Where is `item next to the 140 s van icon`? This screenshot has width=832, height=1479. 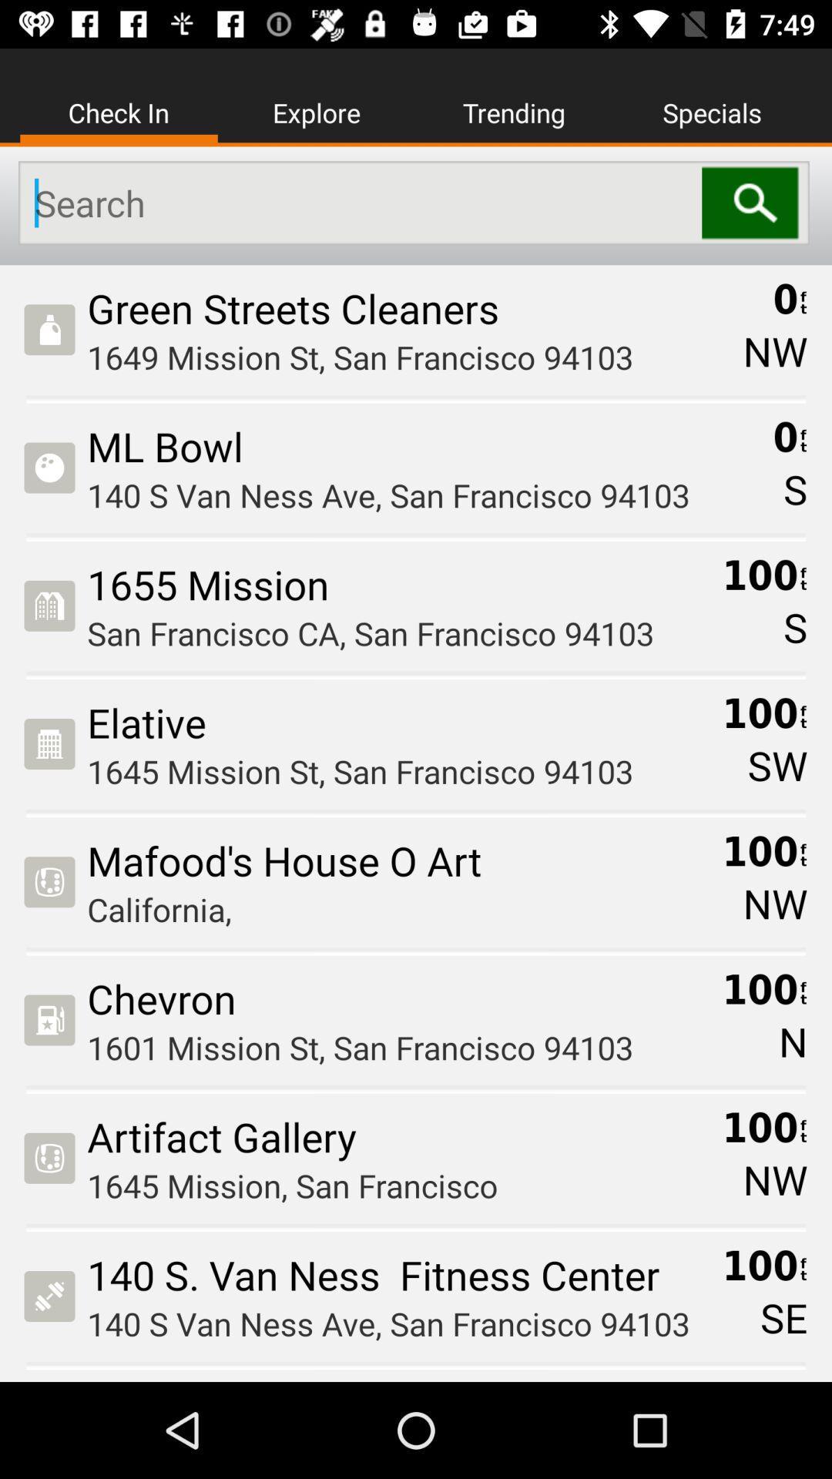 item next to the 140 s van icon is located at coordinates (783, 1316).